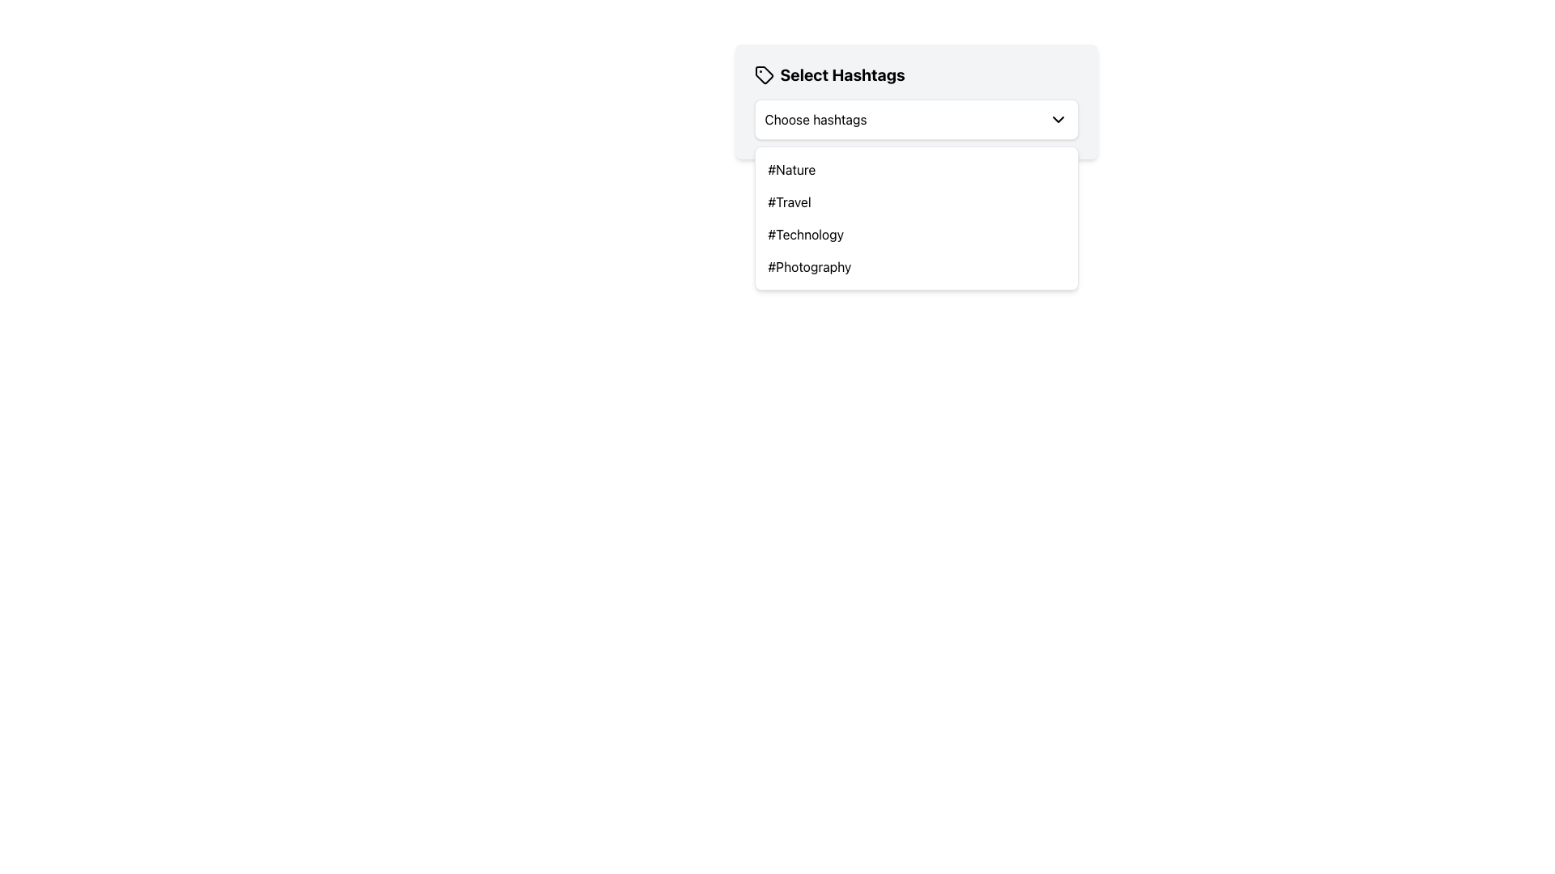 The image size is (1555, 874). Describe the element at coordinates (809, 266) in the screenshot. I see `to select the hashtag '#Photography' from the fourth item in the dropdown list of hashtags` at that location.